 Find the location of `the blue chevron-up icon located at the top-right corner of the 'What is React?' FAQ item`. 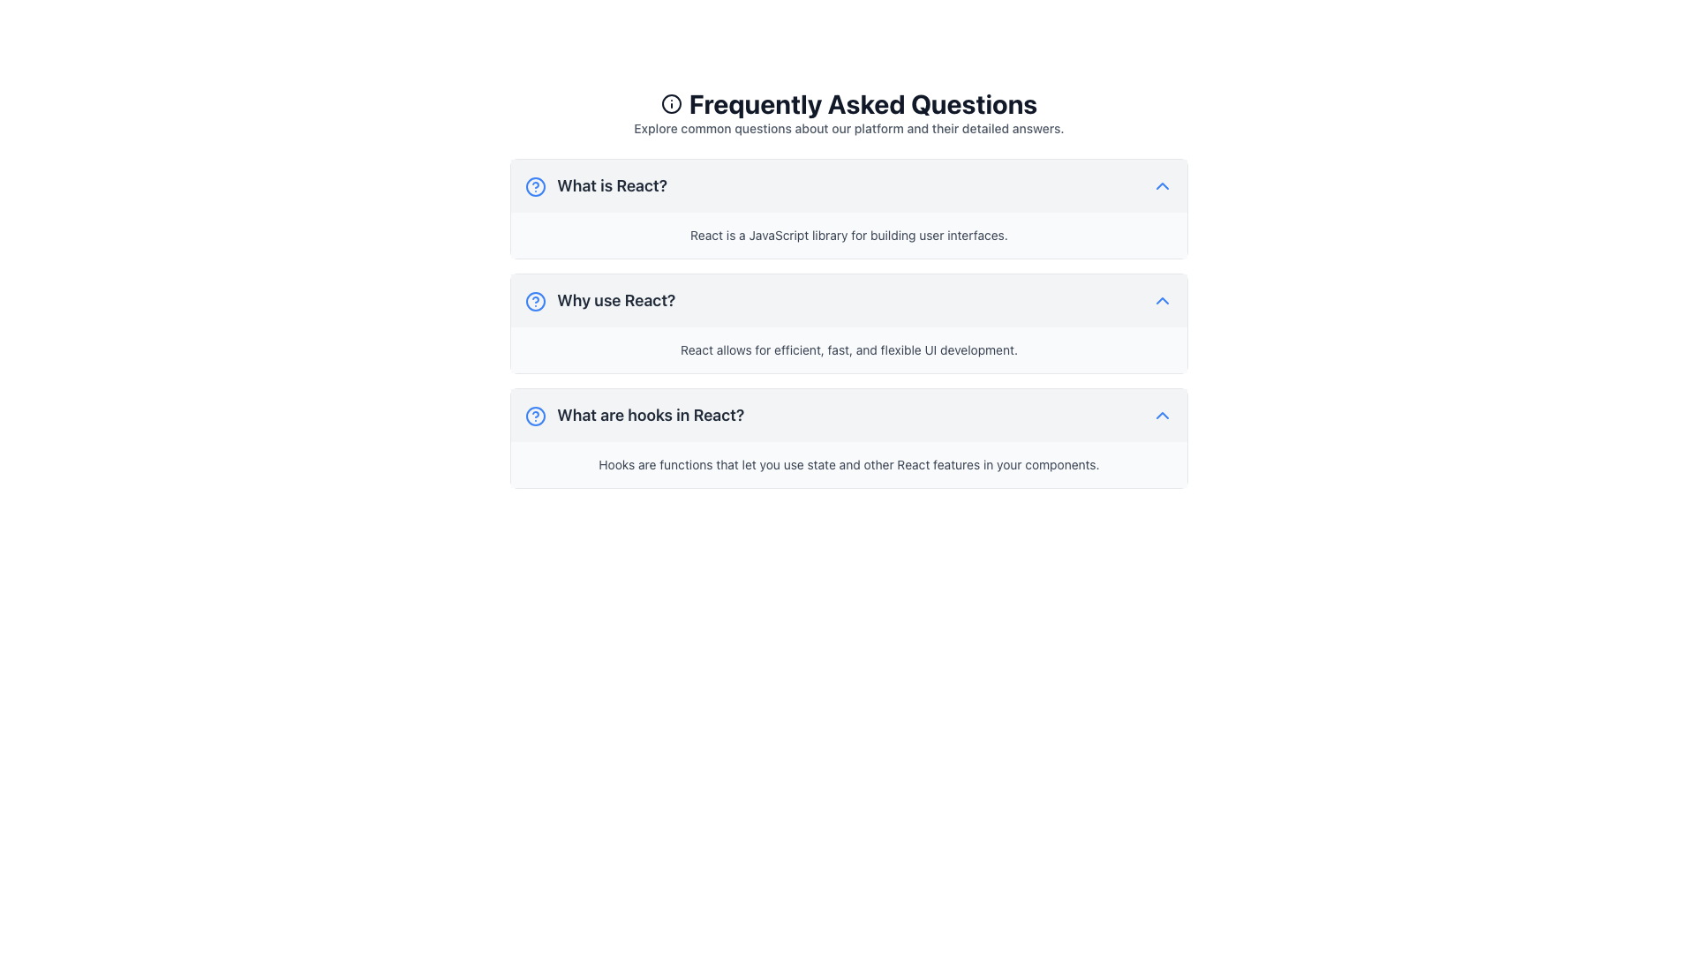

the blue chevron-up icon located at the top-right corner of the 'What is React?' FAQ item is located at coordinates (1162, 186).